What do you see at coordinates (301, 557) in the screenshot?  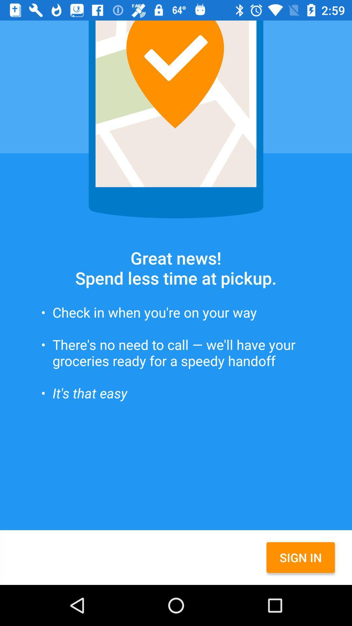 I see `sign in icon` at bounding box center [301, 557].